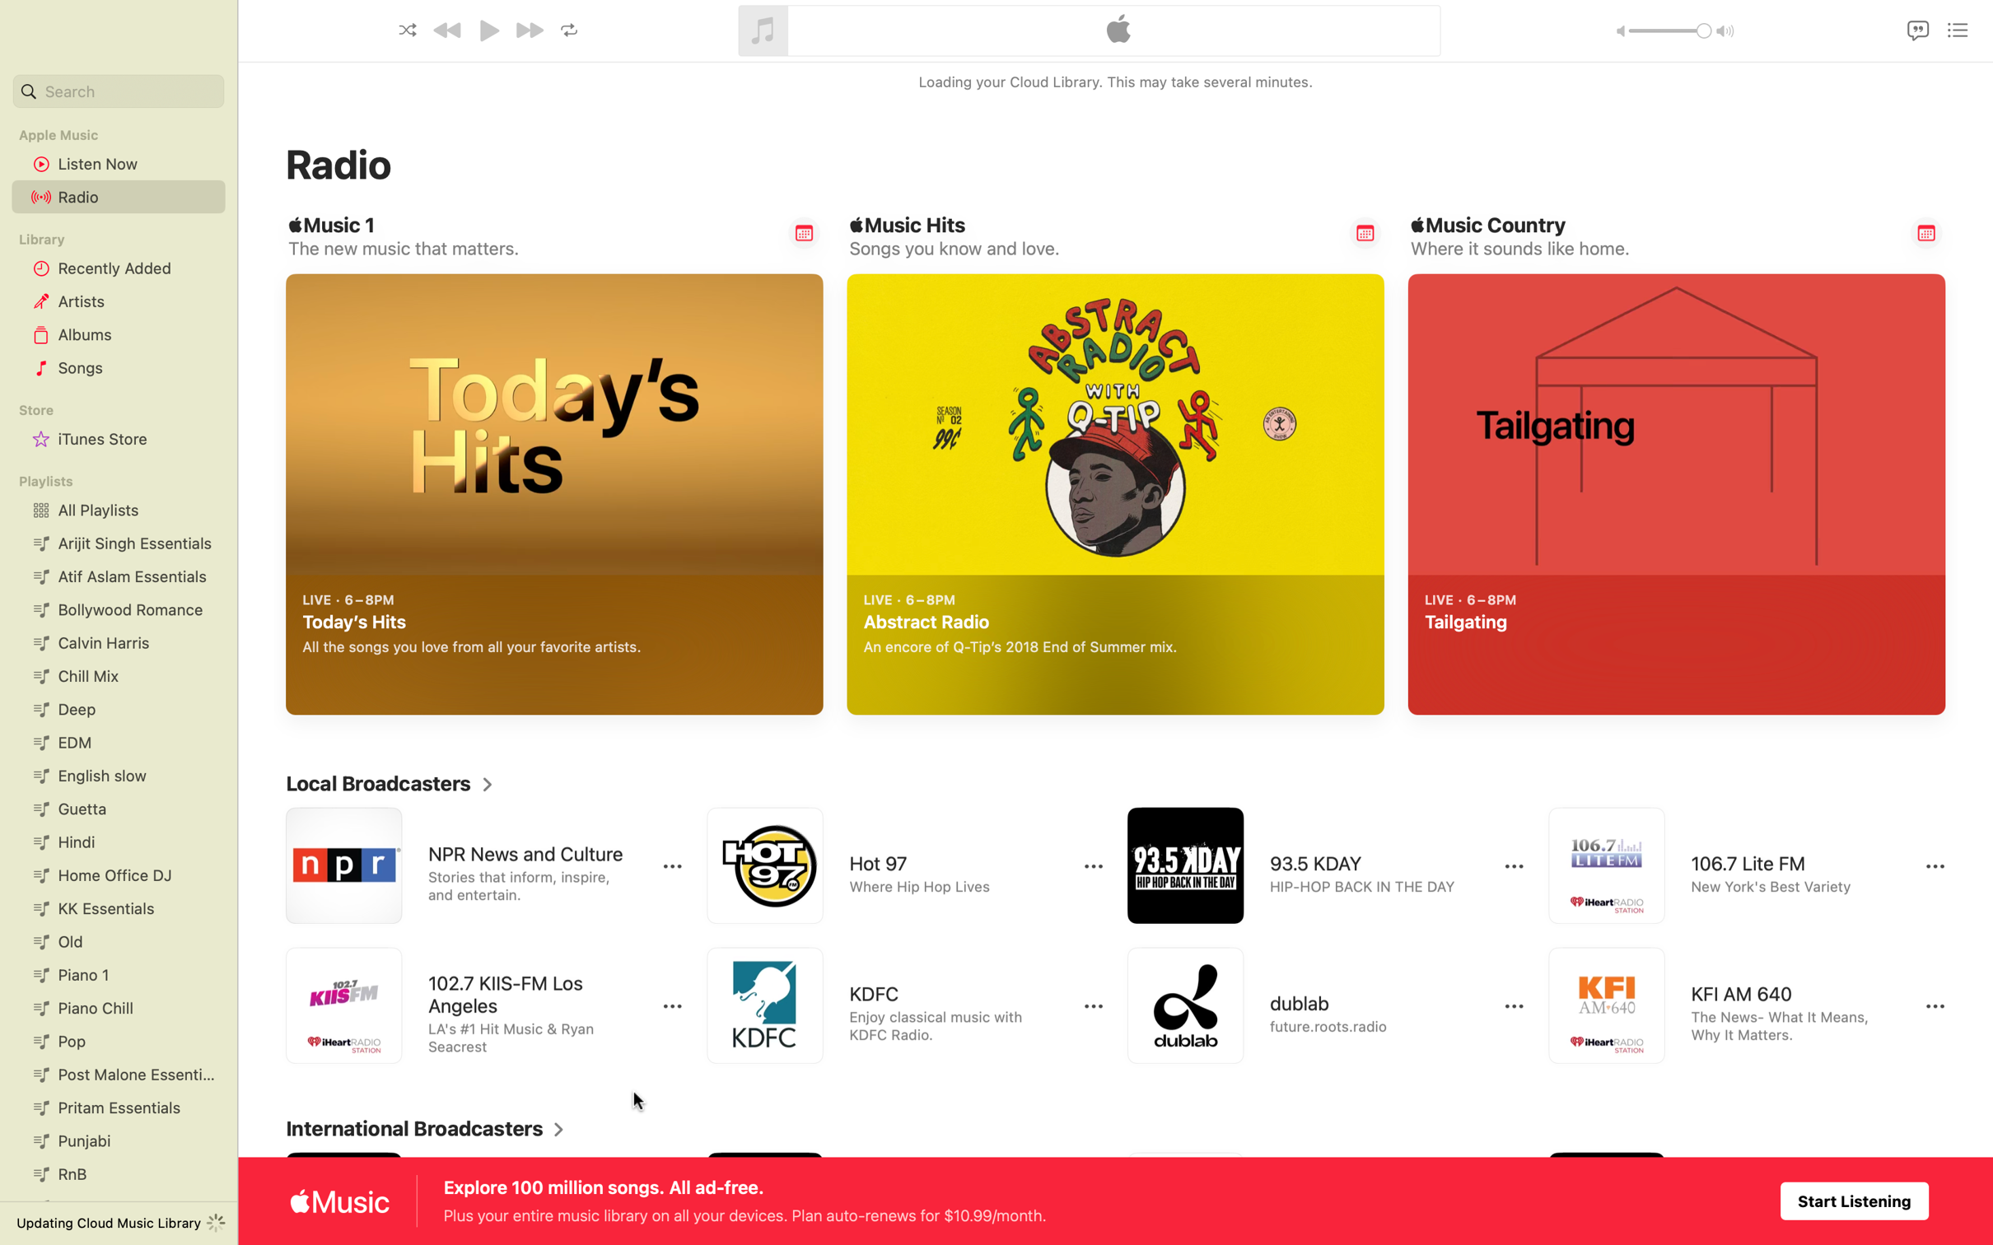  I want to click on Begin playback of today"s popular music, so click(1869434, 1037707).